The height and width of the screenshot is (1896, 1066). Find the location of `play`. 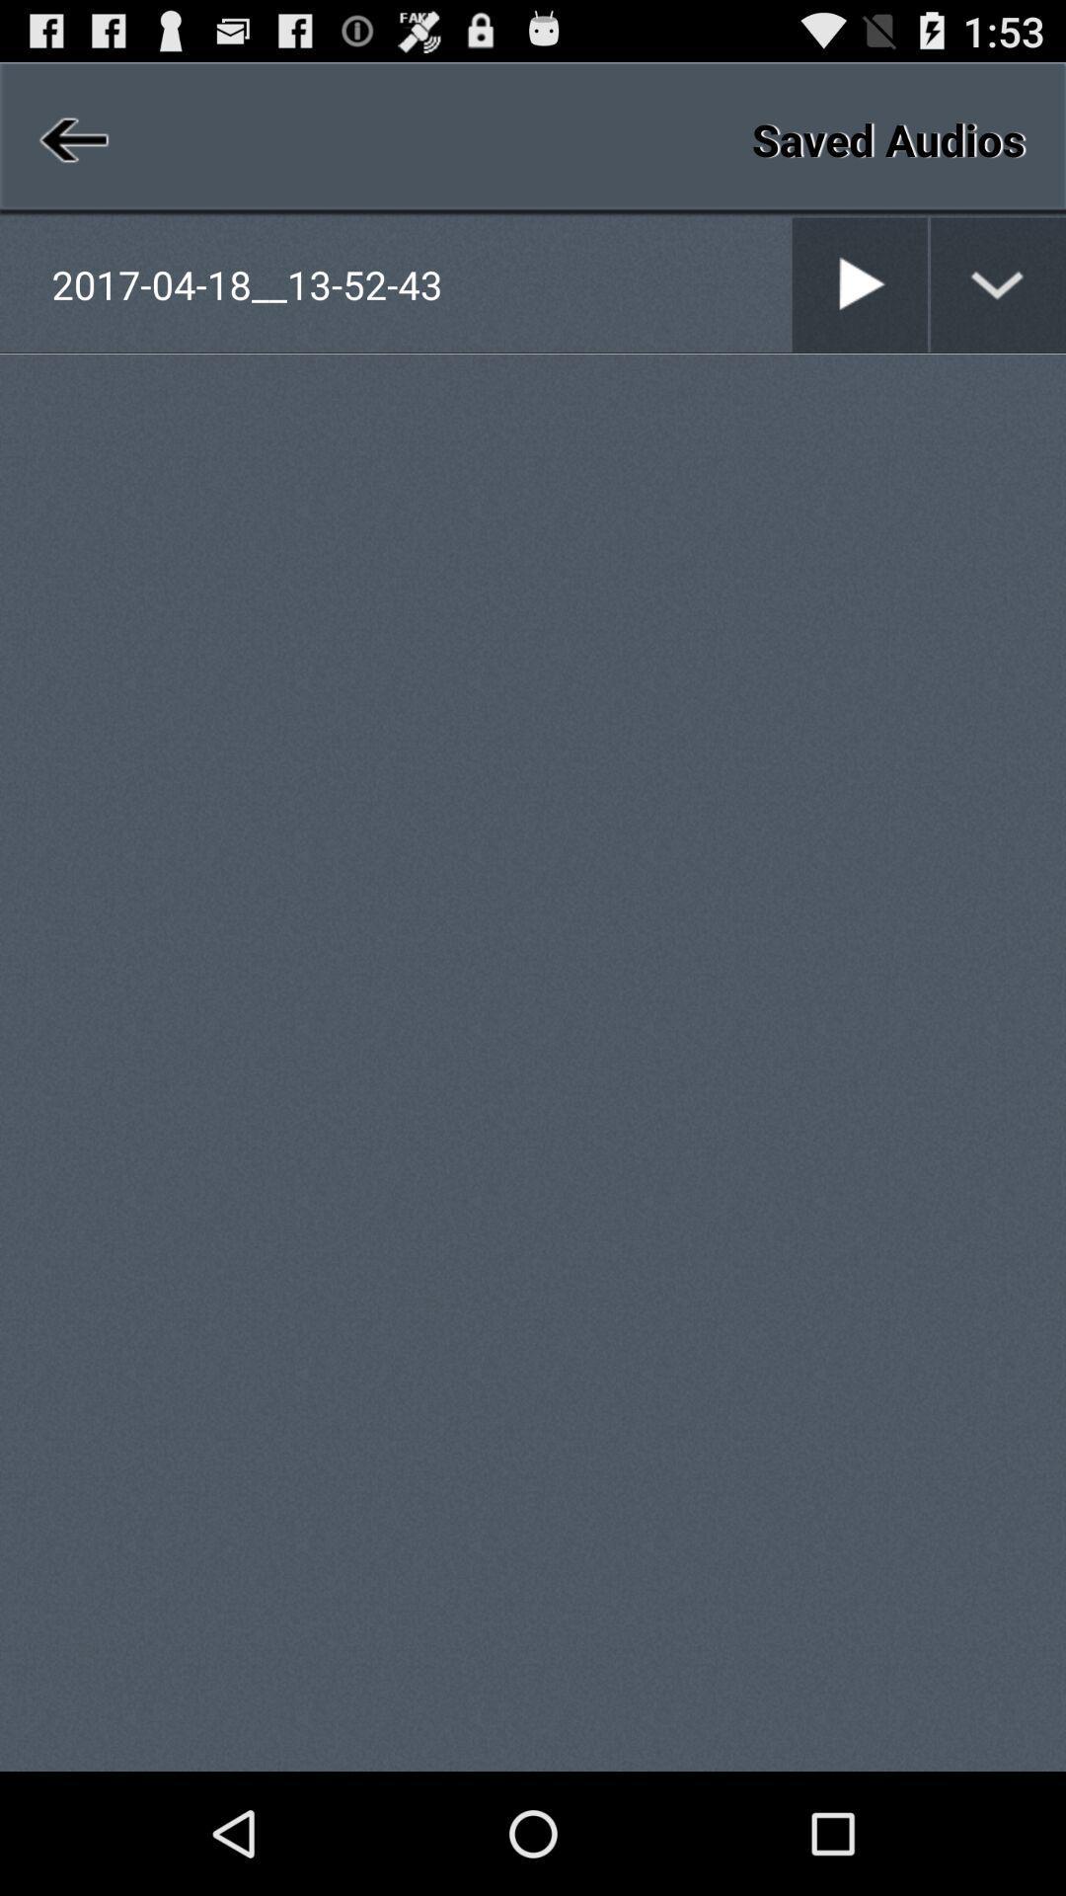

play is located at coordinates (859, 283).